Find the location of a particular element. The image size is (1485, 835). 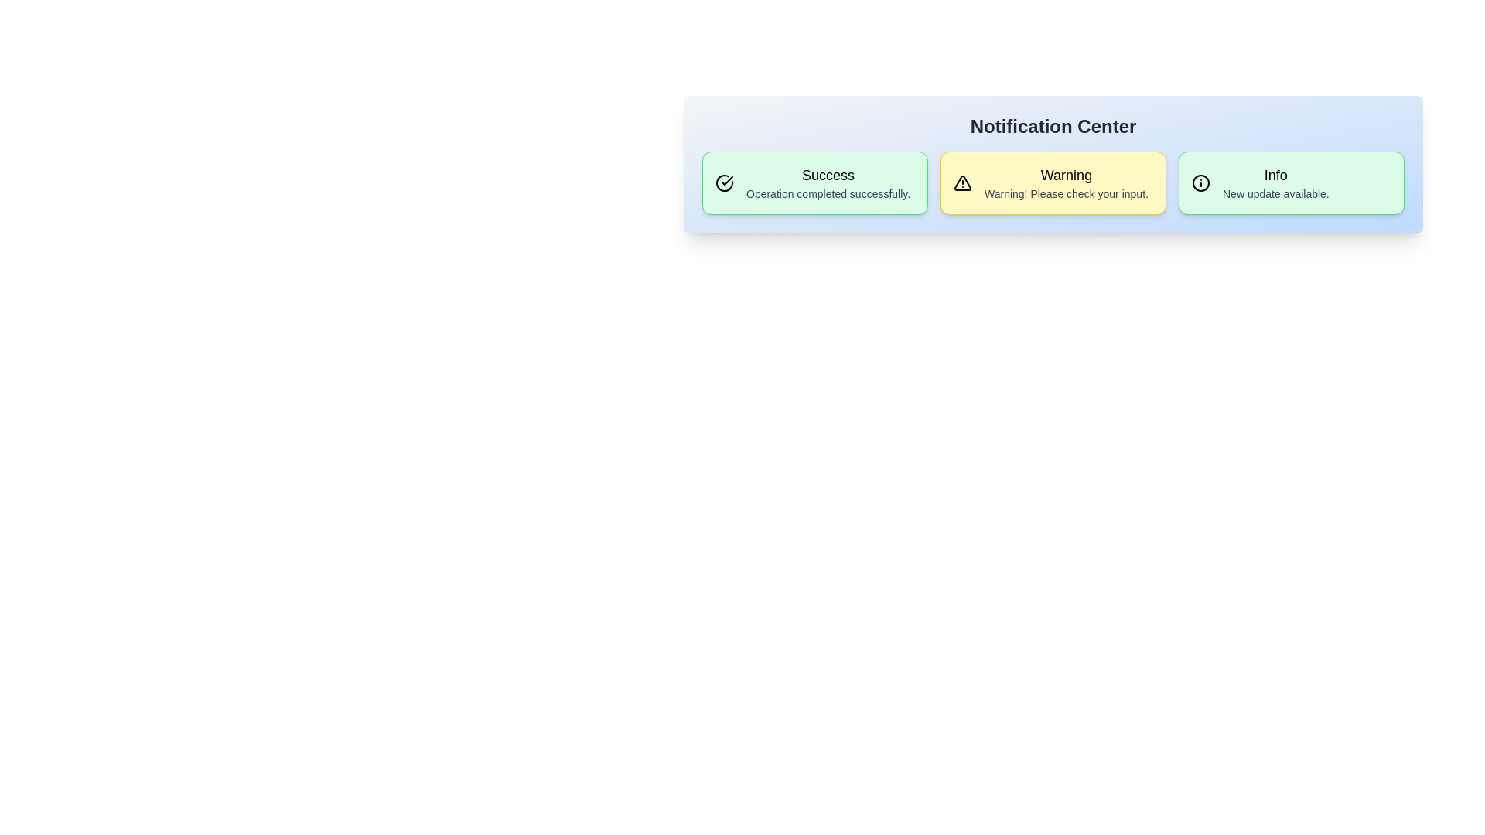

the notification card corresponding to Warning is located at coordinates (1053, 182).